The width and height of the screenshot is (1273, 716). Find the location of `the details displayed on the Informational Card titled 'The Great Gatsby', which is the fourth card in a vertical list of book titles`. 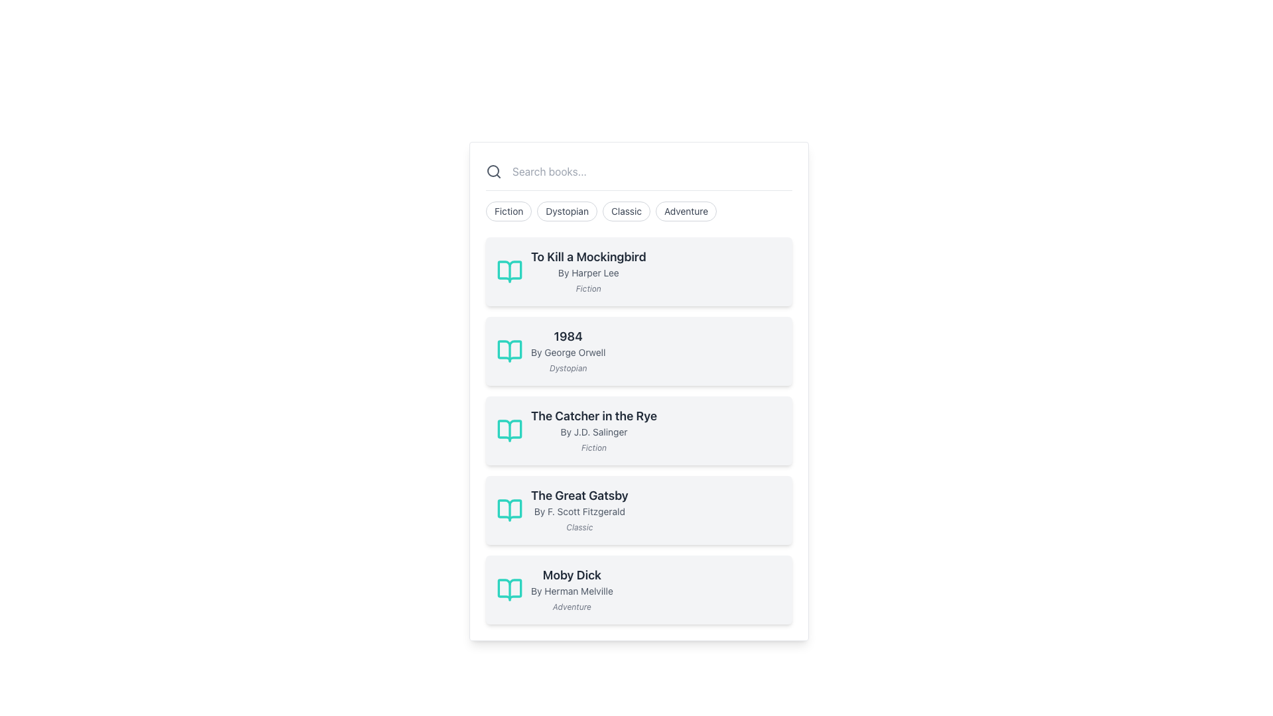

the details displayed on the Informational Card titled 'The Great Gatsby', which is the fourth card in a vertical list of book titles is located at coordinates (639, 510).